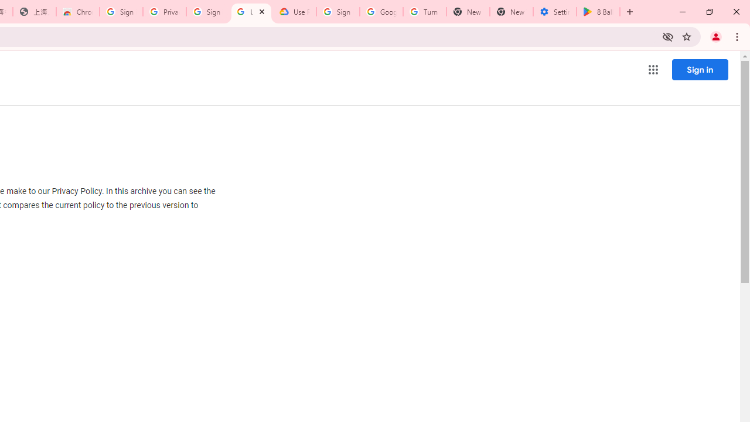 The width and height of the screenshot is (750, 422). What do you see at coordinates (511, 12) in the screenshot?
I see `'New Tab'` at bounding box center [511, 12].